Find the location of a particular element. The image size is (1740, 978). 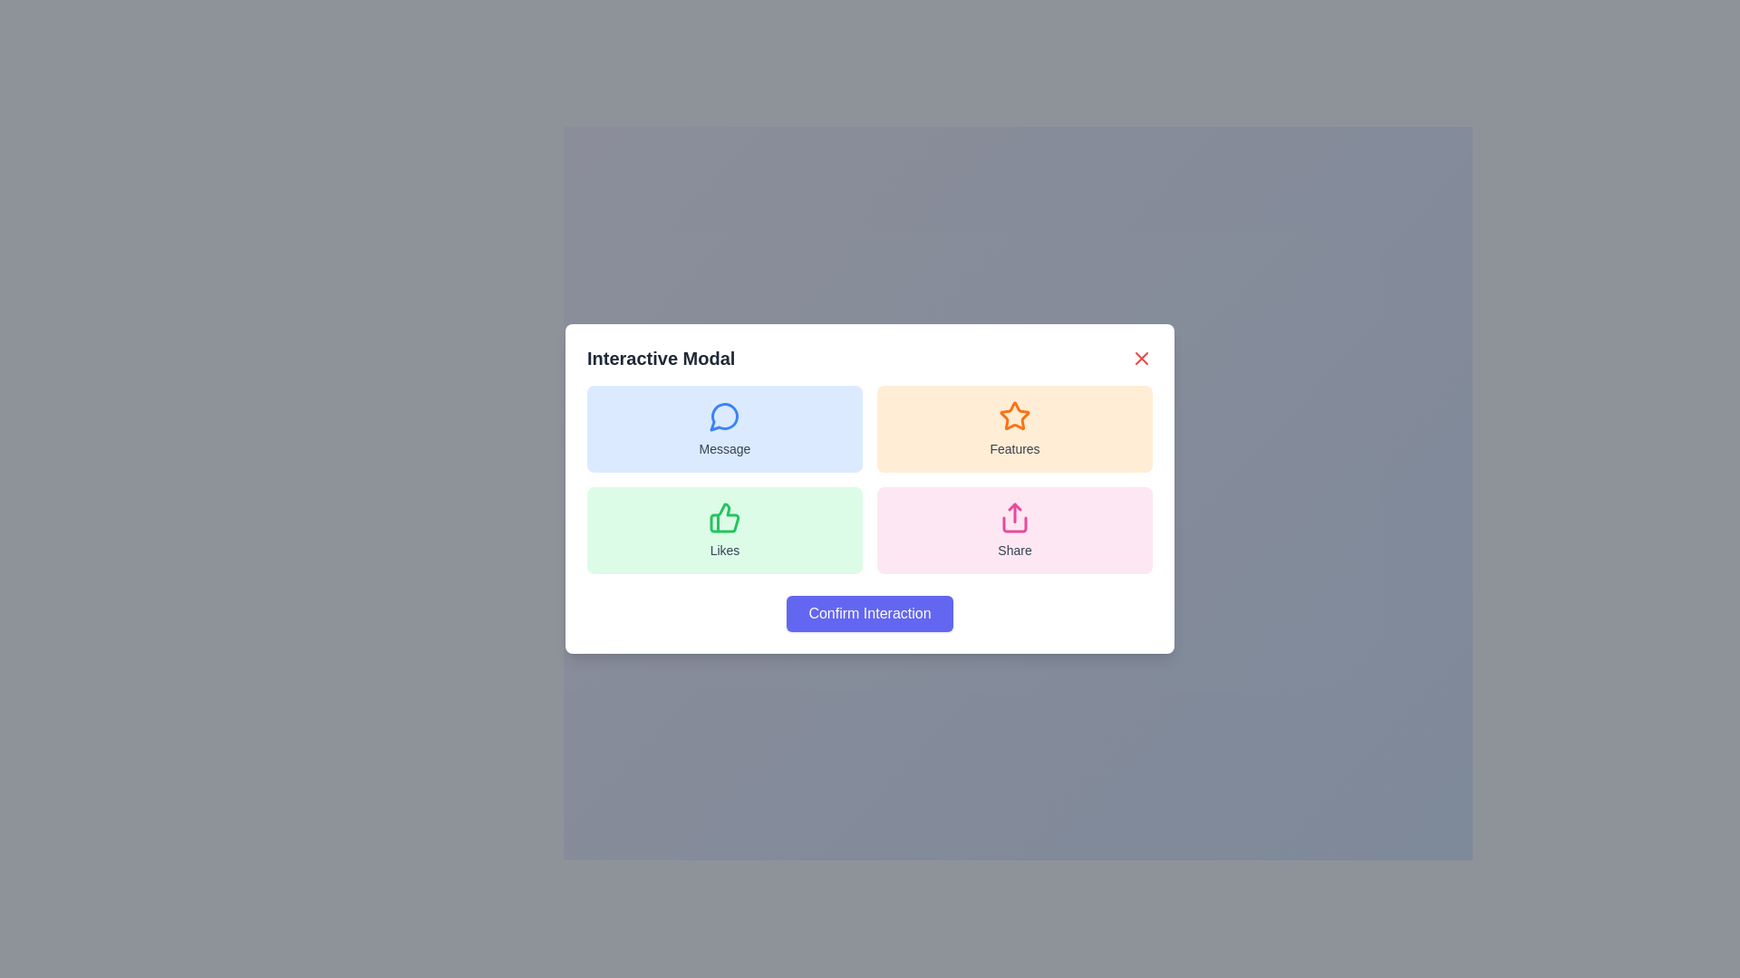

the thumbs-up icon with a green outline in the 'Likes' box located in the lower-left quadrant of the modal dialog to understand its context is located at coordinates (723, 517).